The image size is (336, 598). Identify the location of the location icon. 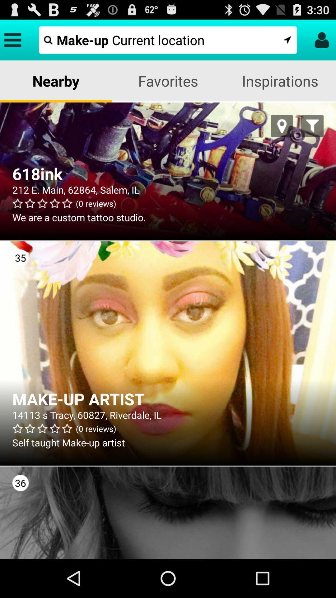
(282, 135).